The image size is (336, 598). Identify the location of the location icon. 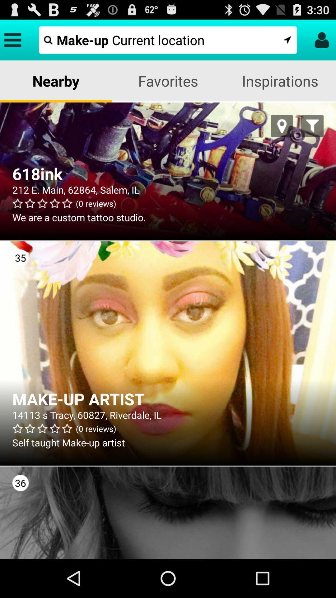
(282, 135).